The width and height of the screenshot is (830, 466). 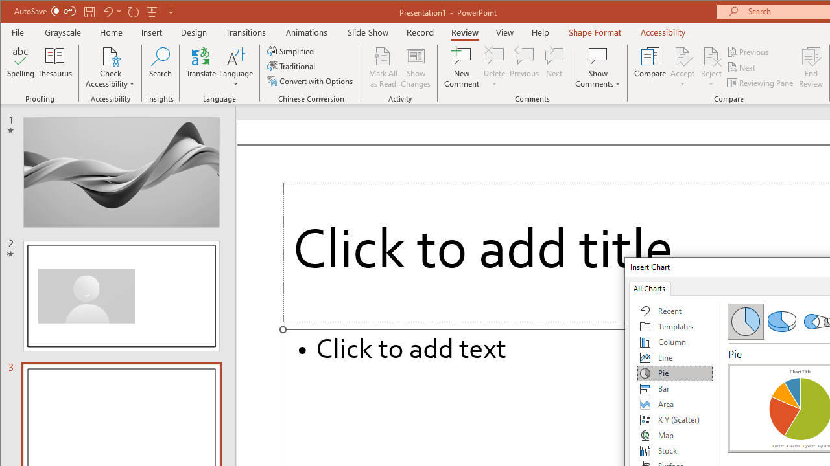 I want to click on 'Convert with Options...', so click(x=311, y=81).